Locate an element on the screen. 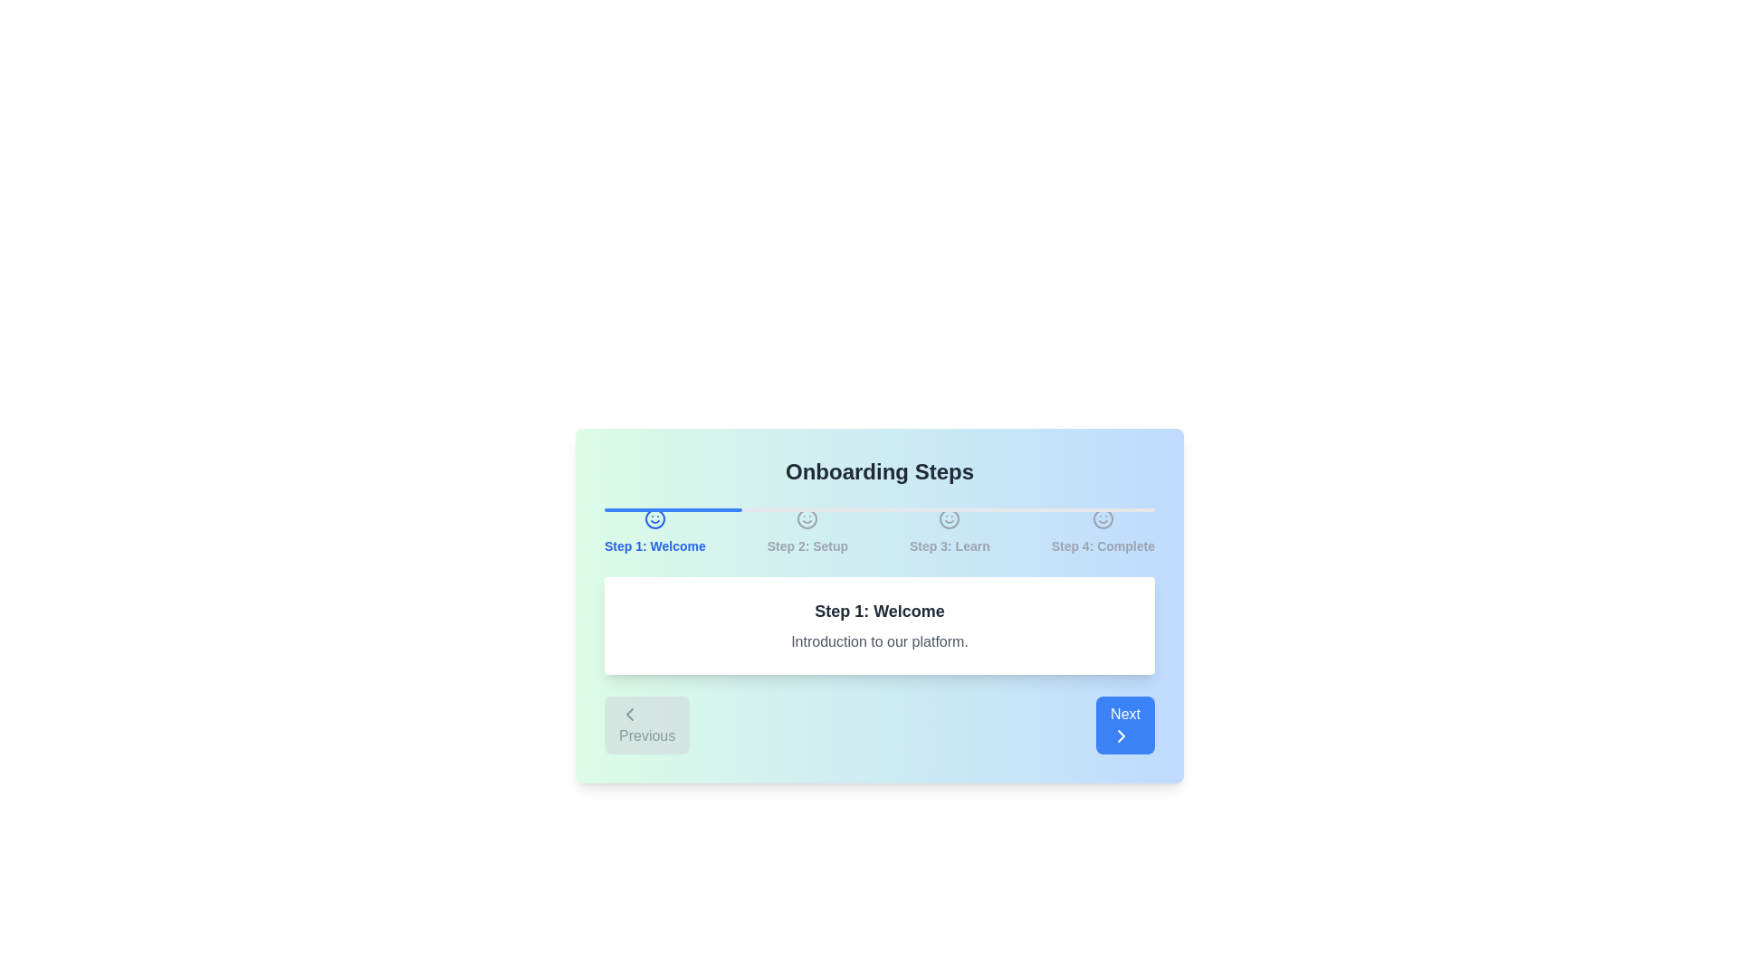 Image resolution: width=1738 pixels, height=977 pixels. the visual step indicator labeled 'Step 3: Learn' is located at coordinates (949, 530).